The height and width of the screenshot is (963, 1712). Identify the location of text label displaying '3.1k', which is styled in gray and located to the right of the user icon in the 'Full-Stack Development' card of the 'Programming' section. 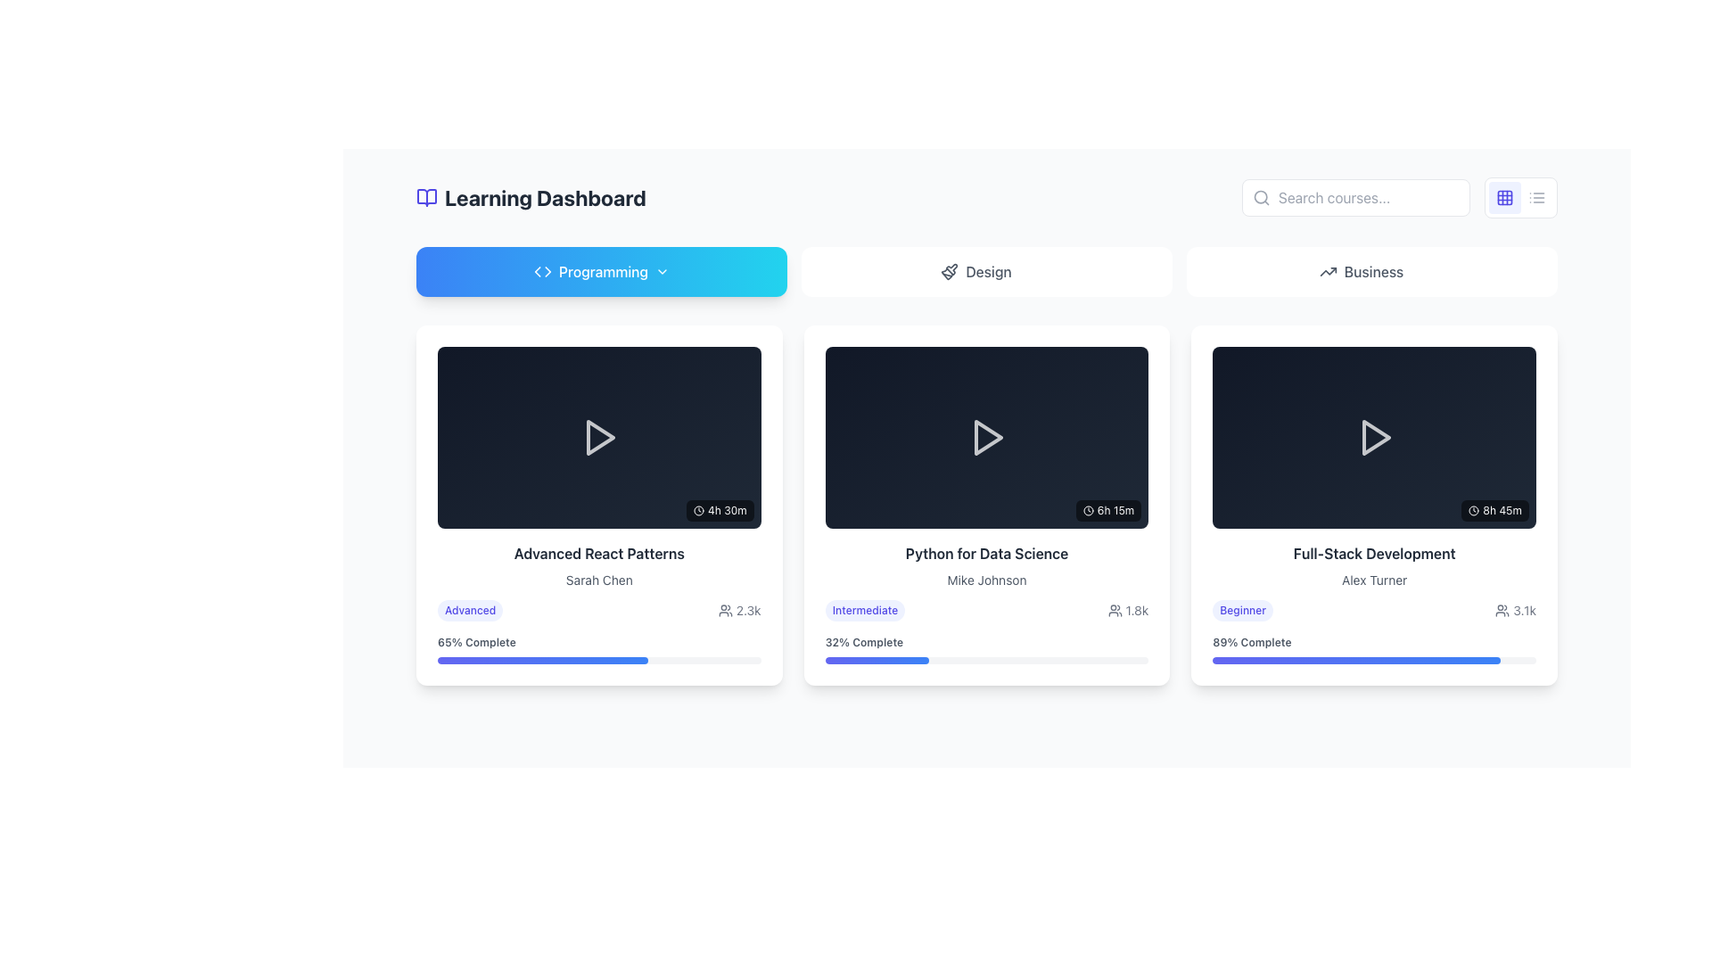
(1524, 609).